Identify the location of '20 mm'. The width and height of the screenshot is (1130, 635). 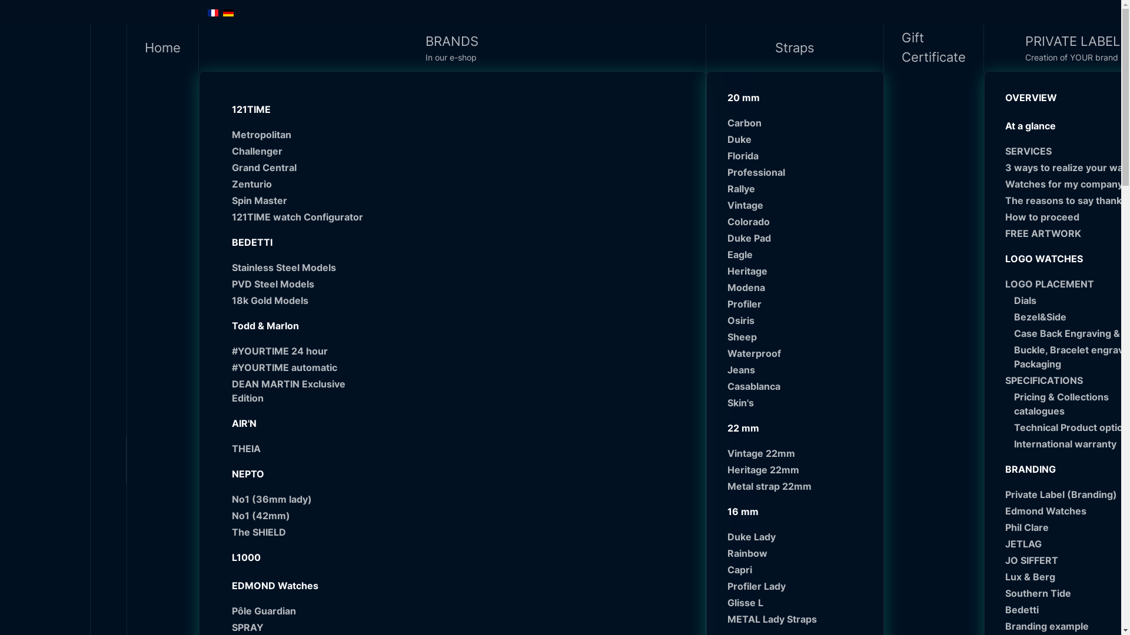
(794, 96).